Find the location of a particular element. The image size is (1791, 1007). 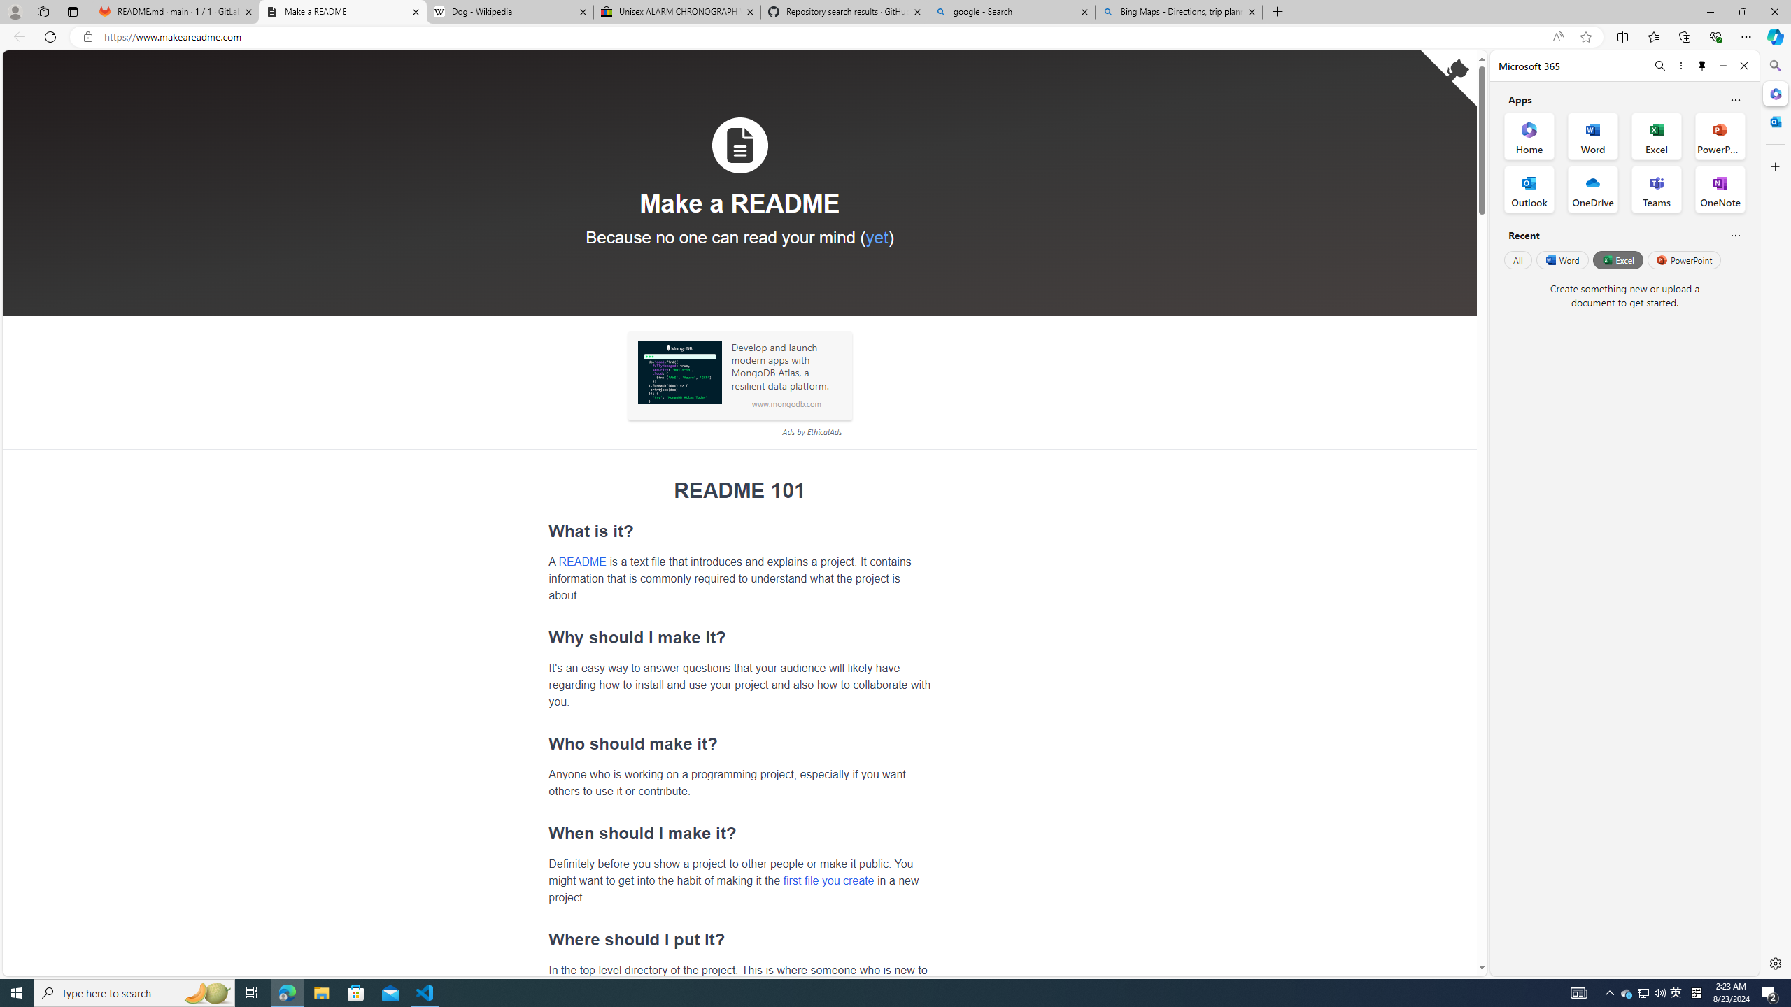

'Word Office App' is located at coordinates (1592, 136).